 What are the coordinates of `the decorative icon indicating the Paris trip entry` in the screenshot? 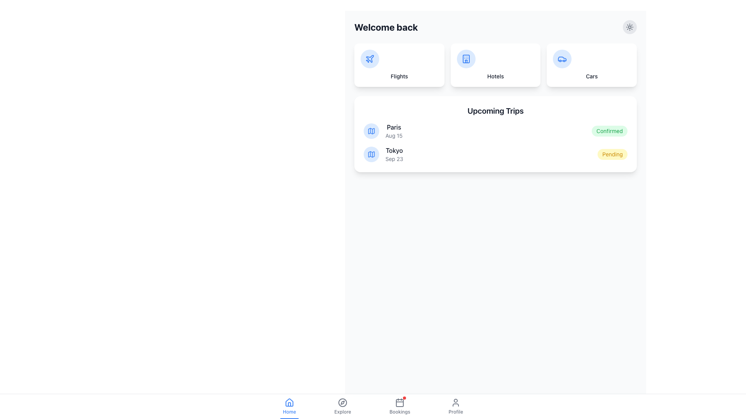 It's located at (371, 131).